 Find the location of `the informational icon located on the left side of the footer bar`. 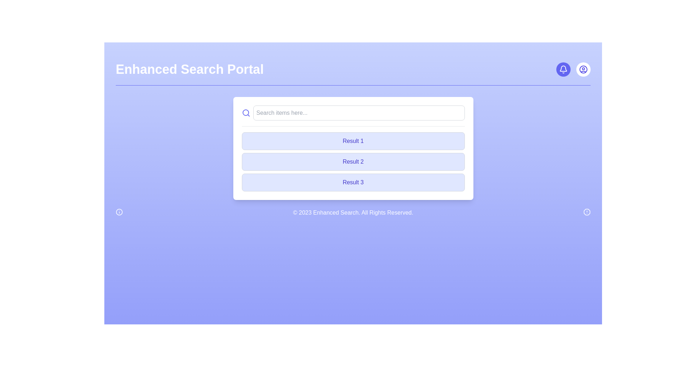

the informational icon located on the left side of the footer bar is located at coordinates (119, 211).